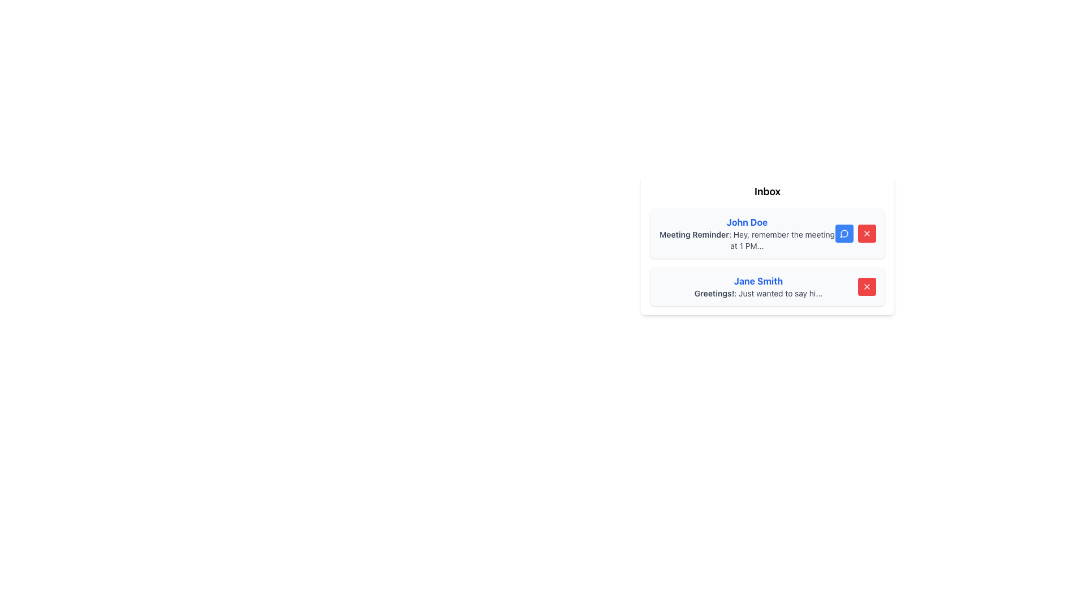  Describe the element at coordinates (747, 222) in the screenshot. I see `text content of the header label representing the sender's name for the associated inbox message, located at the top-left portion of the message item in the inbox layout` at that location.